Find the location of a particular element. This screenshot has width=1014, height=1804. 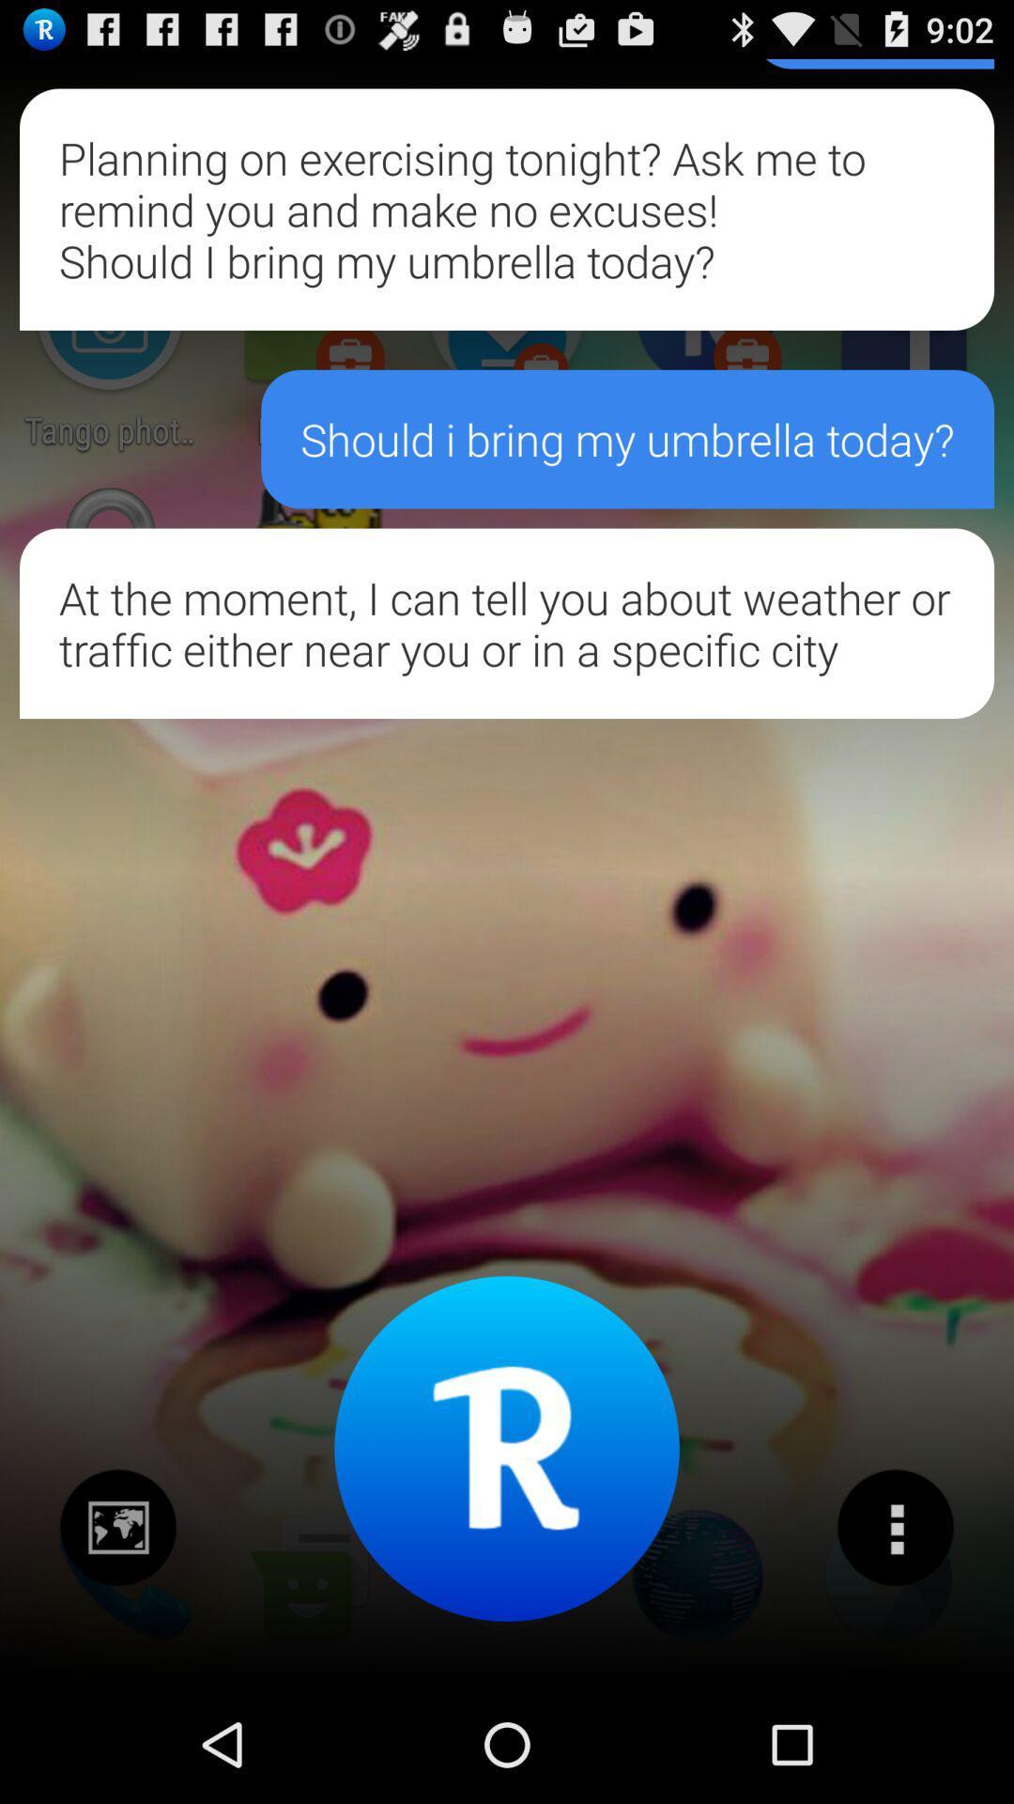

the more icon is located at coordinates (894, 1634).